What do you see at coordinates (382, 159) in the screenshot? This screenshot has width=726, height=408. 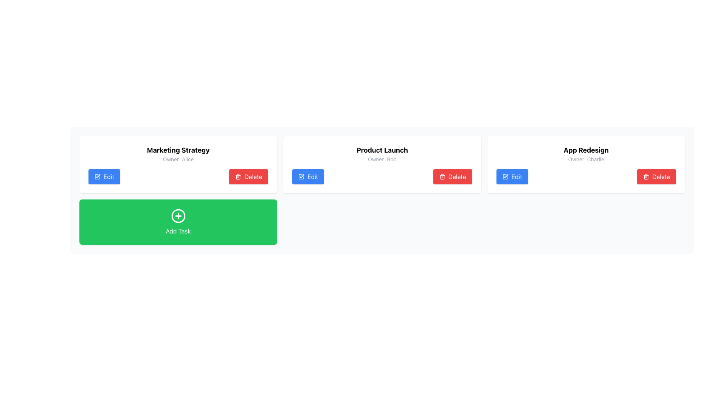 I see `the text display element indicating the owner of the task, which shows 'Owner: Bob' in small gray font, positioned centrally beneath the 'Product Launch' title and above the 'Edit' and 'Delete' buttons` at bounding box center [382, 159].